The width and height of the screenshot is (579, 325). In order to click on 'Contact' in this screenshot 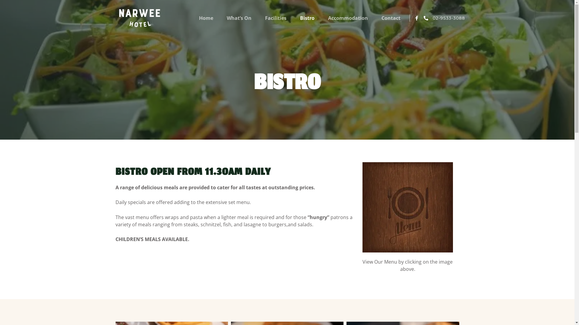, I will do `click(391, 18)`.